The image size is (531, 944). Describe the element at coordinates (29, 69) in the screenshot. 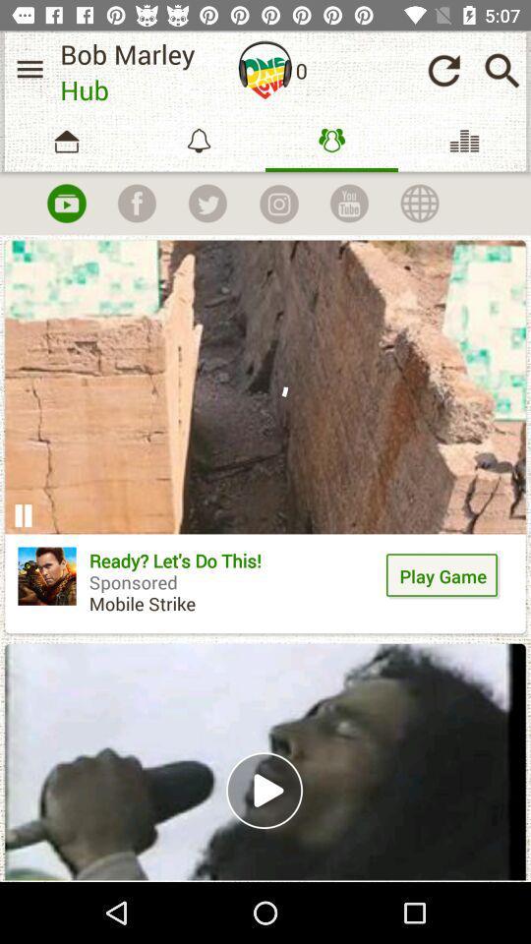

I see `the item next to bob marley icon` at that location.